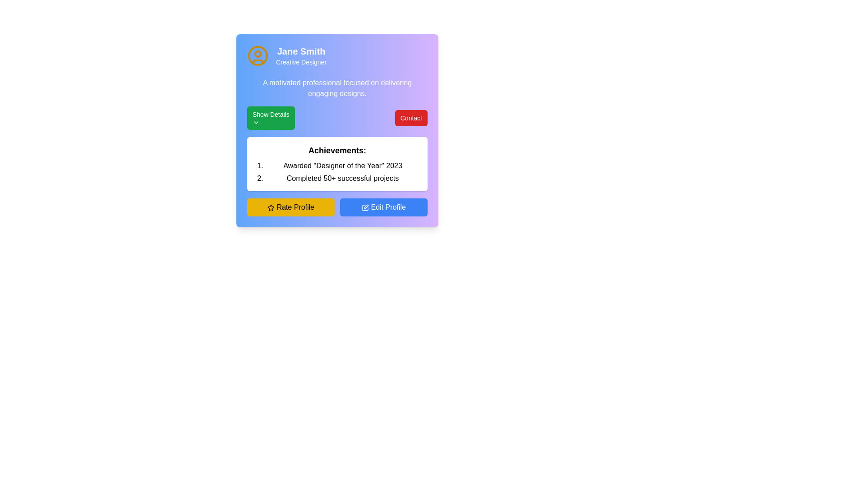 This screenshot has width=866, height=487. Describe the element at coordinates (290, 207) in the screenshot. I see `the leftmost button located at the bottom-left of the horizontal layout to rate the profile` at that location.